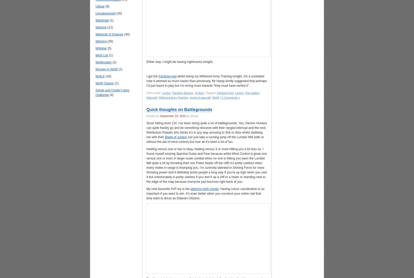 The width and height of the screenshot is (414, 278). Describe the element at coordinates (95, 92) in the screenshot. I see `'Zeirah and Cinder's blog challenge'` at that location.